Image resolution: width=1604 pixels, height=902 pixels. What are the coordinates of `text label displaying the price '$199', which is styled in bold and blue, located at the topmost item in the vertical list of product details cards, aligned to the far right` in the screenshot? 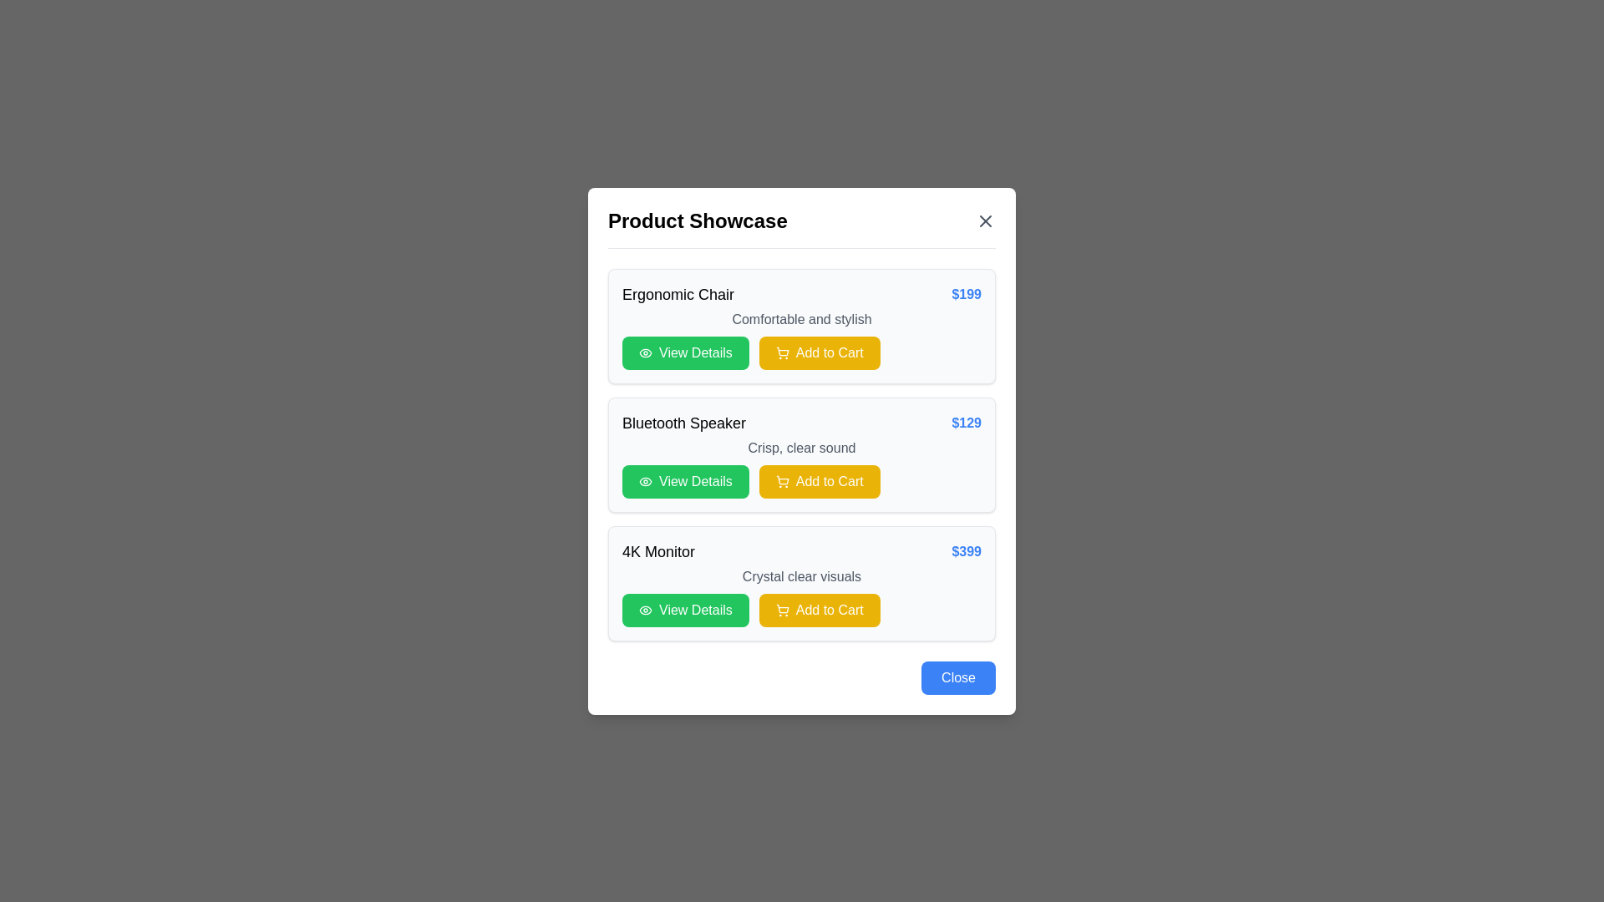 It's located at (967, 293).